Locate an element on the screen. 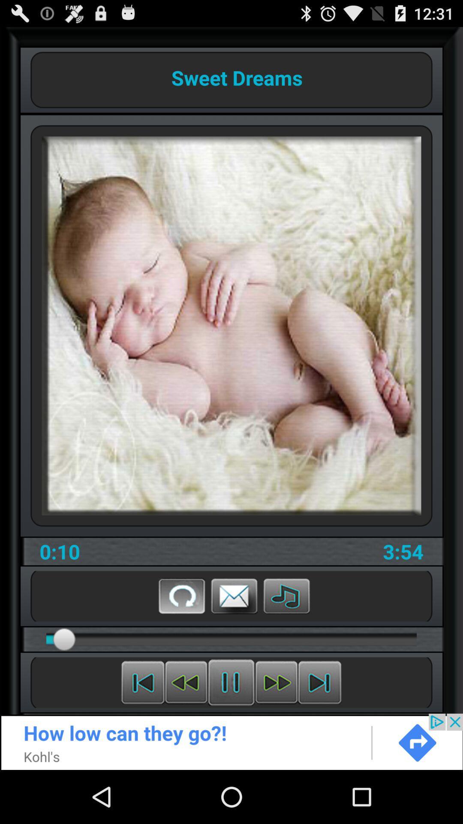 The image size is (463, 824). previous option is located at coordinates (186, 682).